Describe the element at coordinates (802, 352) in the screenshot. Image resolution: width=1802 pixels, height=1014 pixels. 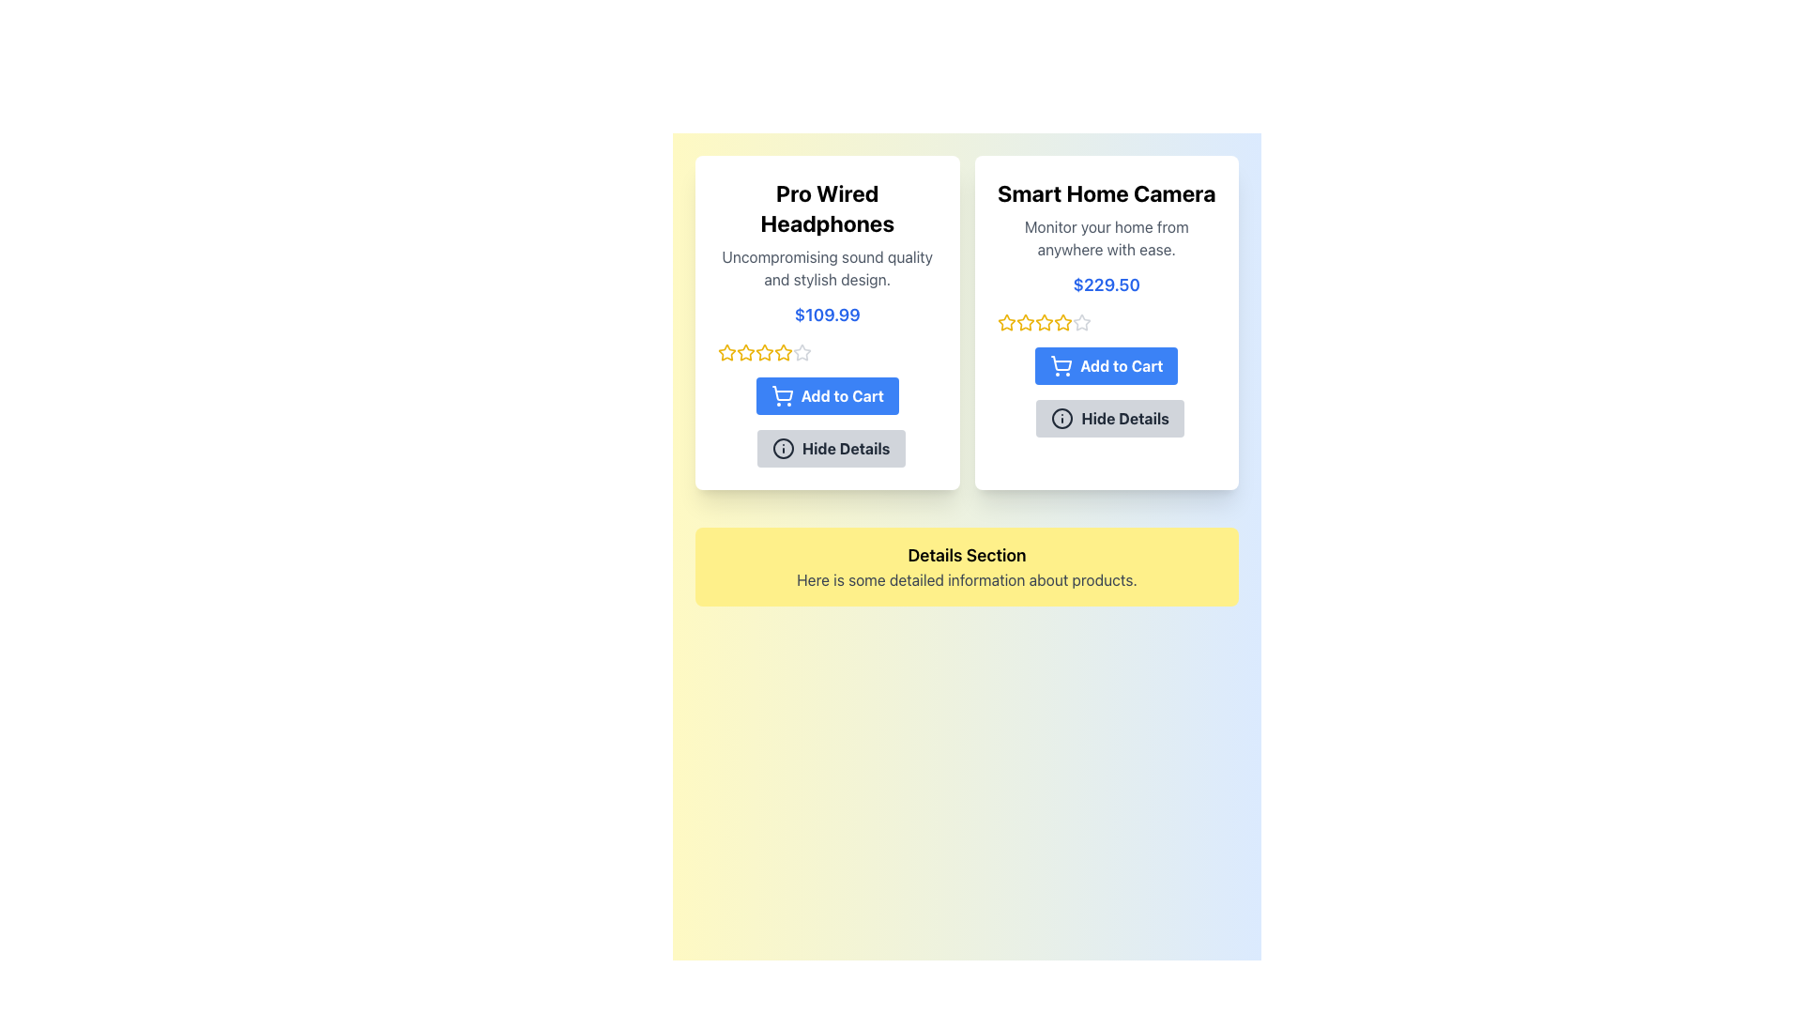
I see `the fifth star icon in the rating system under the text '$109.99' for the 'Pro Wired Headphones' card to rate it` at that location.